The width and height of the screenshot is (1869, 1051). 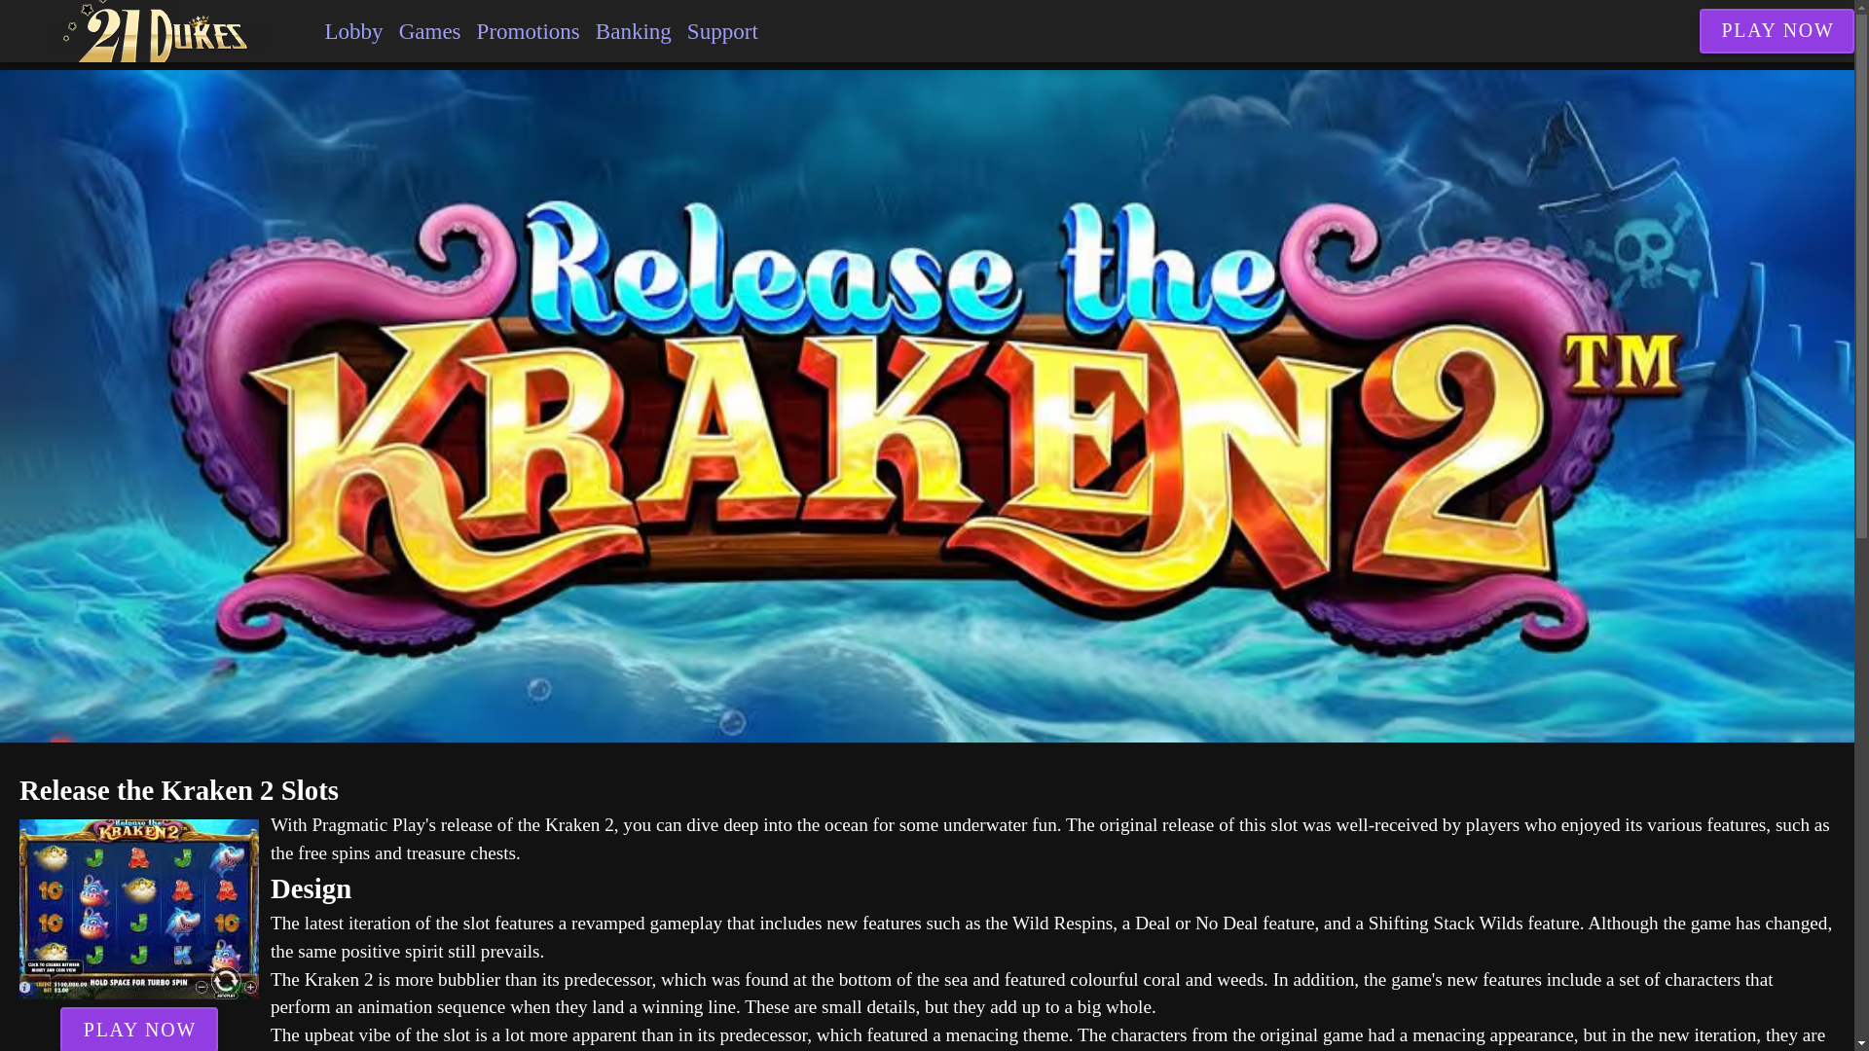 I want to click on 'PLAY NOW', so click(x=1777, y=30).